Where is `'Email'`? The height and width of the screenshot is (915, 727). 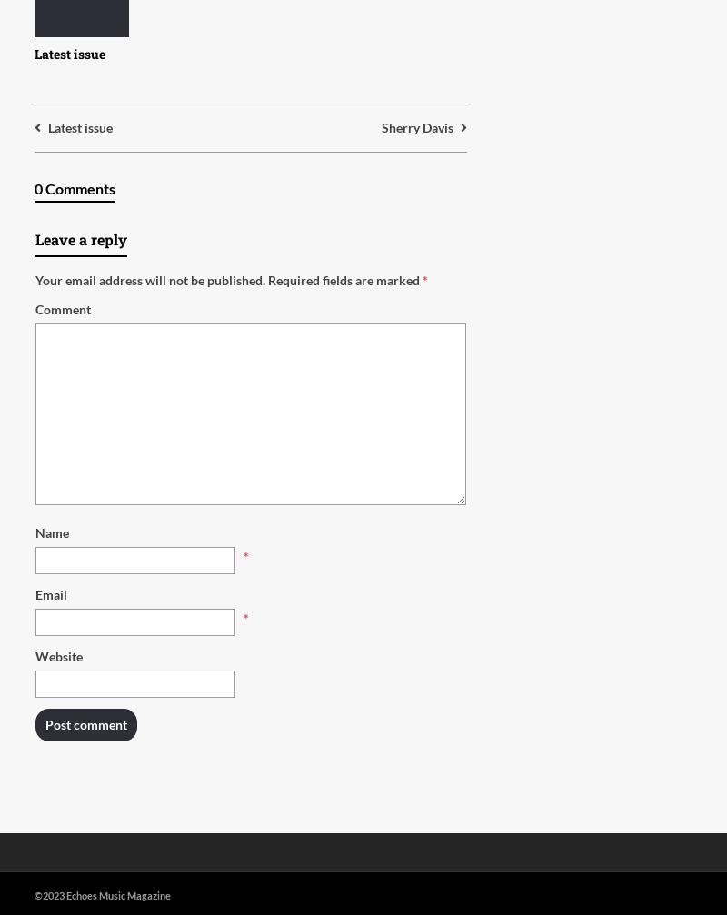 'Email' is located at coordinates (50, 593).